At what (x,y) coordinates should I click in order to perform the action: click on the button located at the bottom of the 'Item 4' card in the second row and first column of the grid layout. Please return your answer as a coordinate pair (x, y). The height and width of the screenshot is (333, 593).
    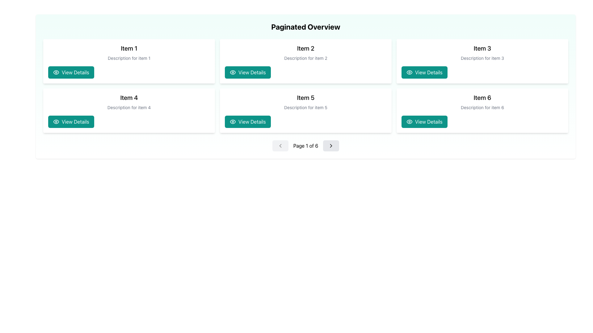
    Looking at the image, I should click on (71, 121).